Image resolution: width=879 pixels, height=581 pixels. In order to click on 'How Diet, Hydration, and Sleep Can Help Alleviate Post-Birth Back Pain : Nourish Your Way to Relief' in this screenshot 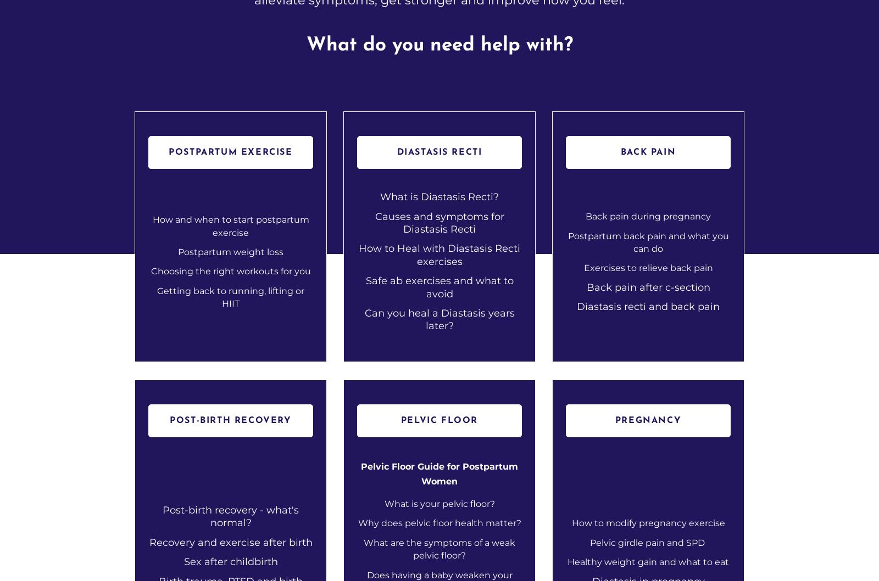, I will do `click(564, 172)`.